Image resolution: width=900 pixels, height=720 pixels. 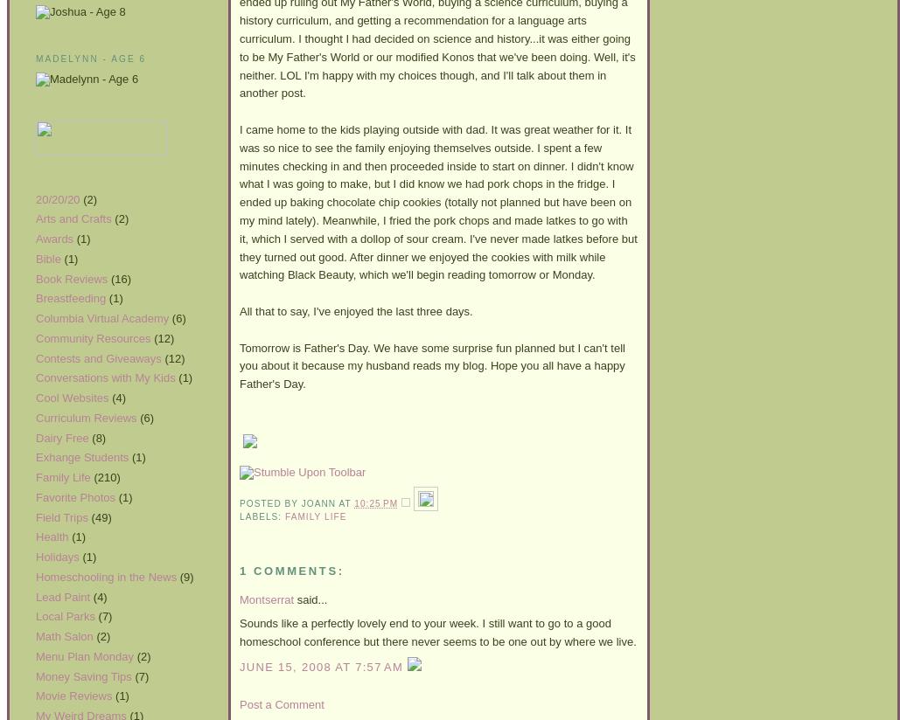 What do you see at coordinates (57, 556) in the screenshot?
I see `'Holidays'` at bounding box center [57, 556].